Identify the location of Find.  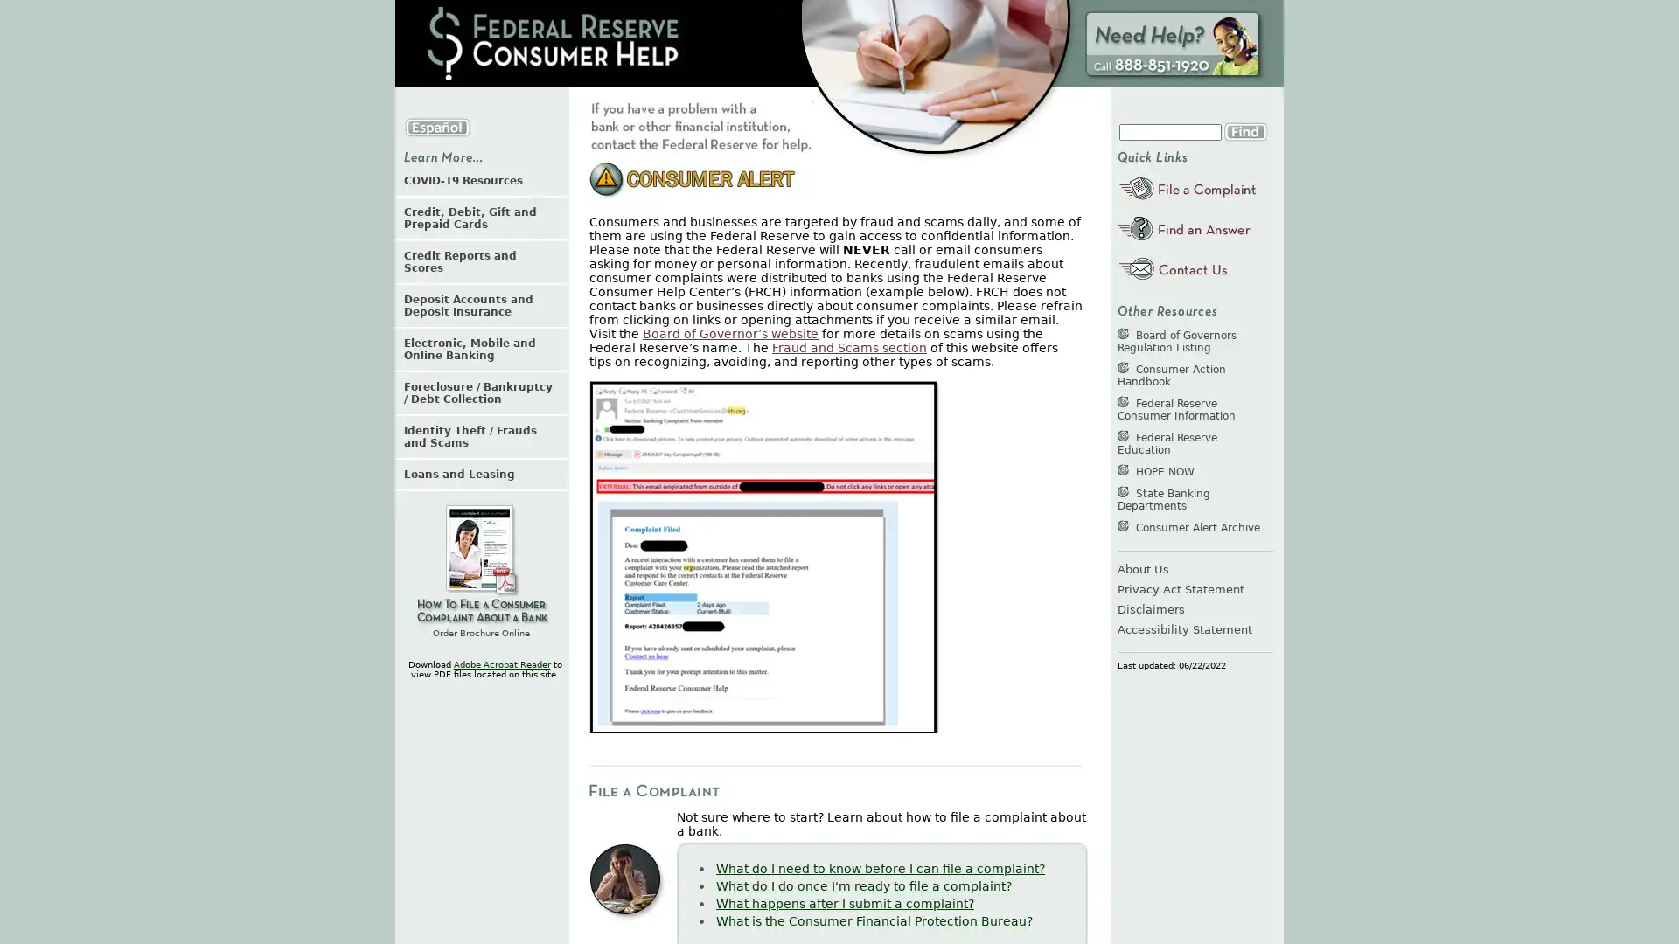
(1244, 130).